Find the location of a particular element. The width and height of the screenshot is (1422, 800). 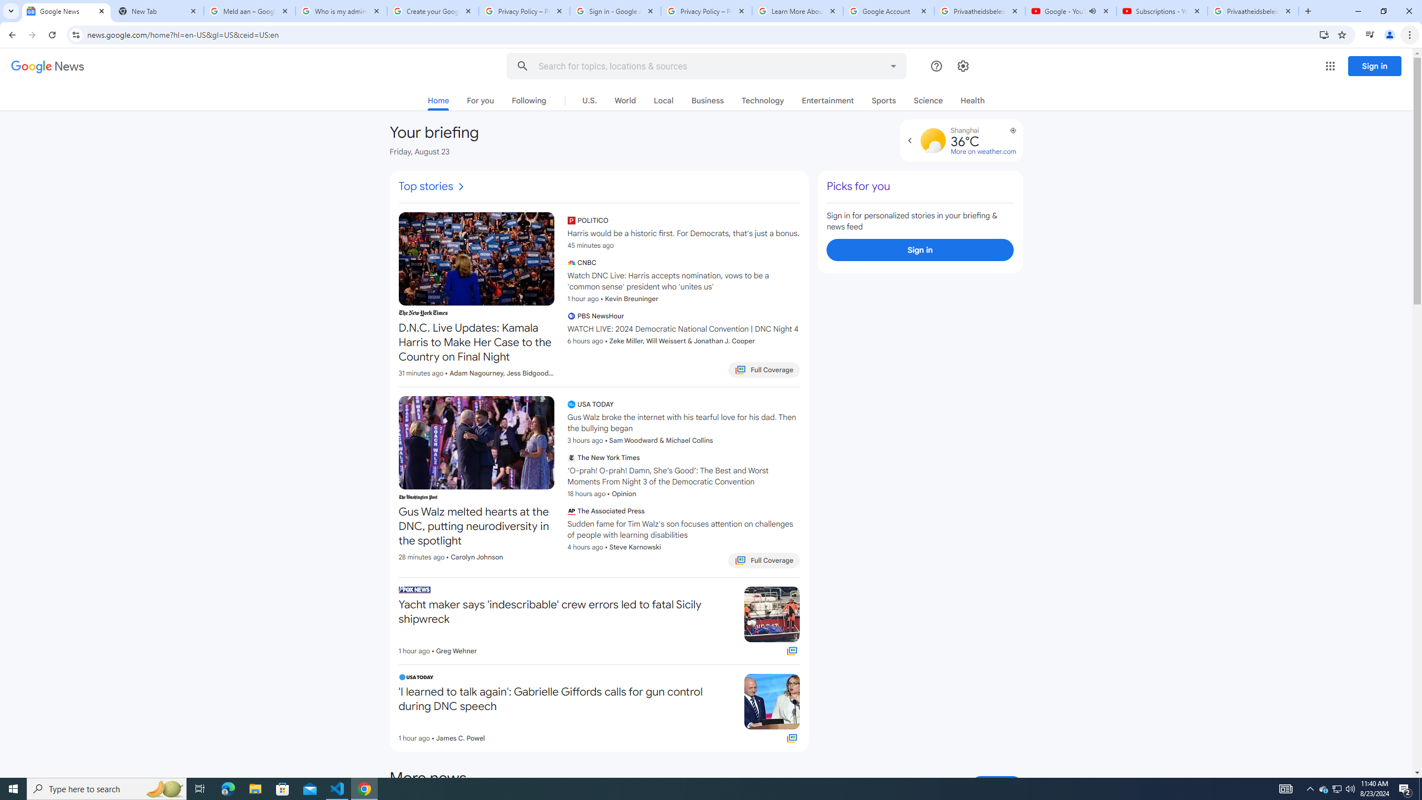

'Science' is located at coordinates (928, 100).